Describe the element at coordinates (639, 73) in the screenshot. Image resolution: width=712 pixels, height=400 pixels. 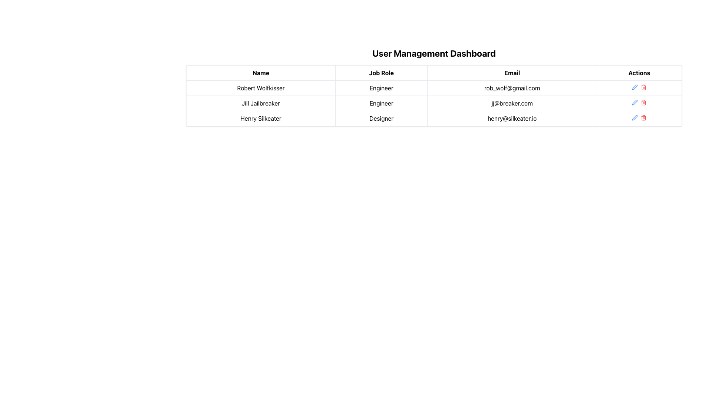
I see `the 'Actions' text block, which is a rectangular header label with bold black text on a white background, positioned as the last column header in a horizontal table layout` at that location.